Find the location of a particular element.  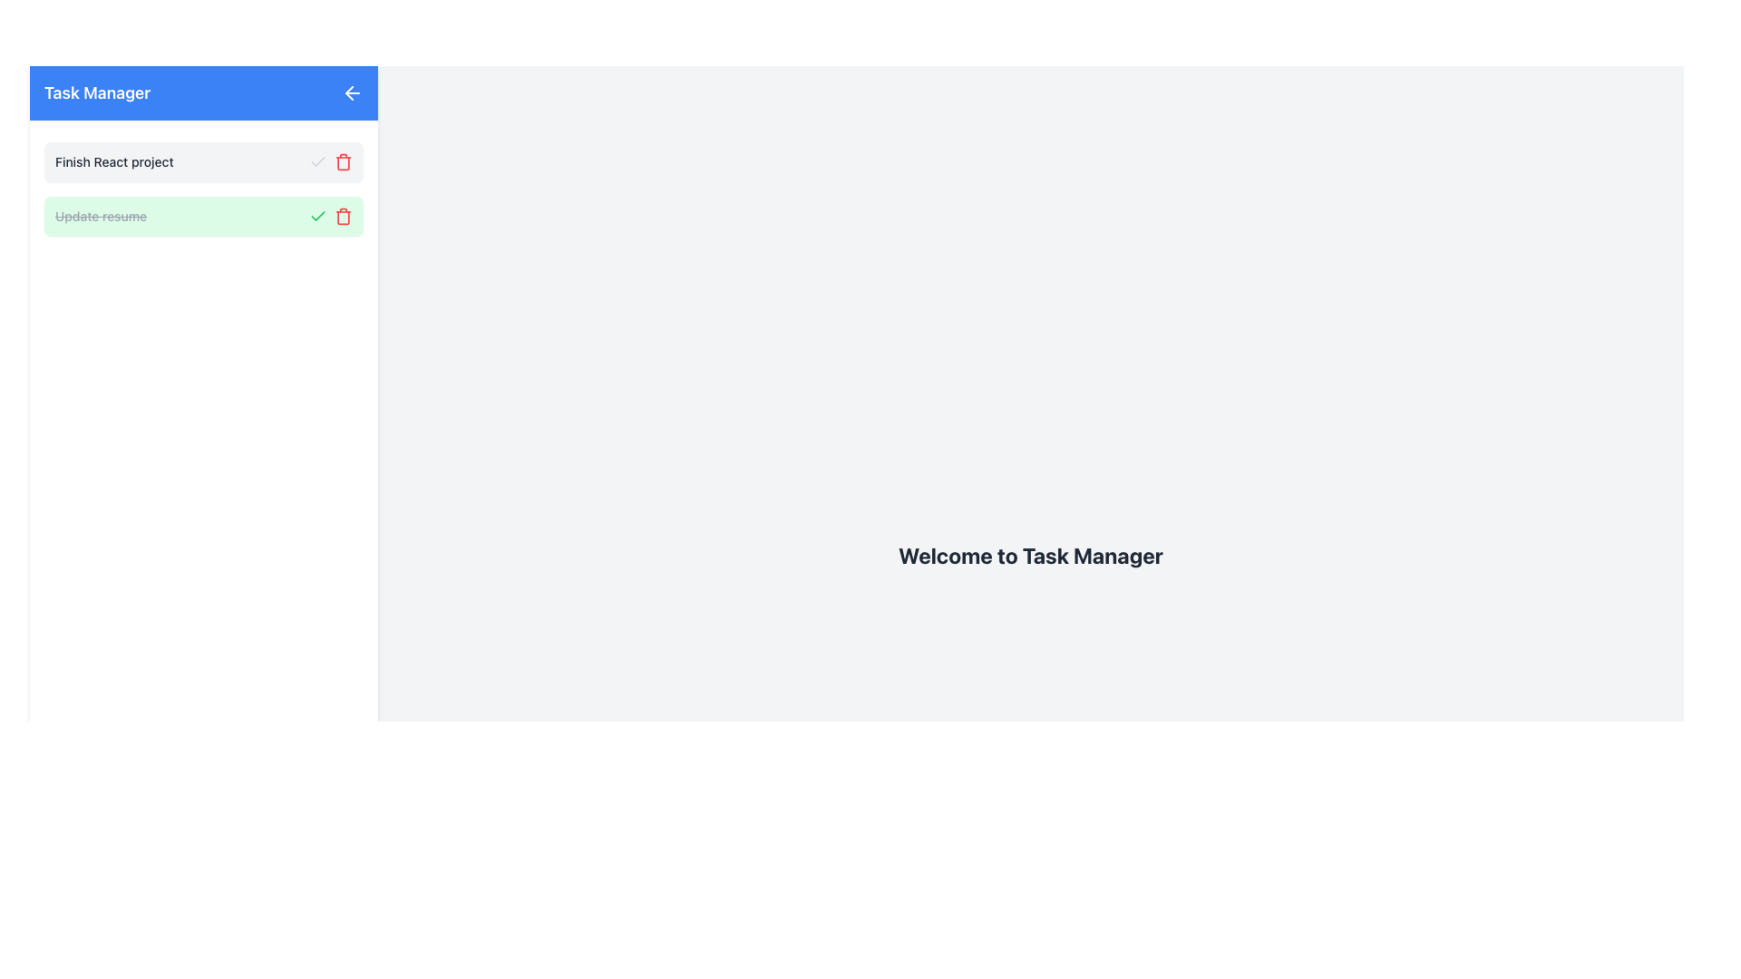

the checkbox for 'Update resume' is located at coordinates (317, 216).